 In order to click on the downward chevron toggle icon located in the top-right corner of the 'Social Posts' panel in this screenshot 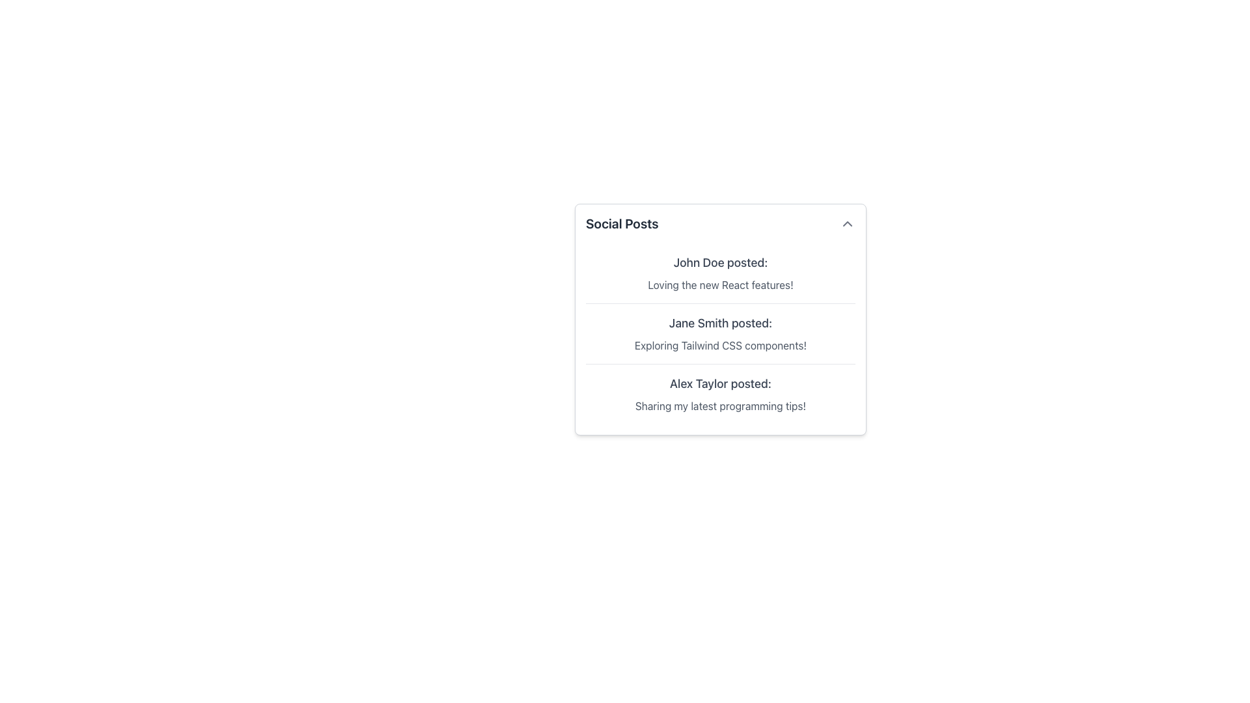, I will do `click(847, 223)`.